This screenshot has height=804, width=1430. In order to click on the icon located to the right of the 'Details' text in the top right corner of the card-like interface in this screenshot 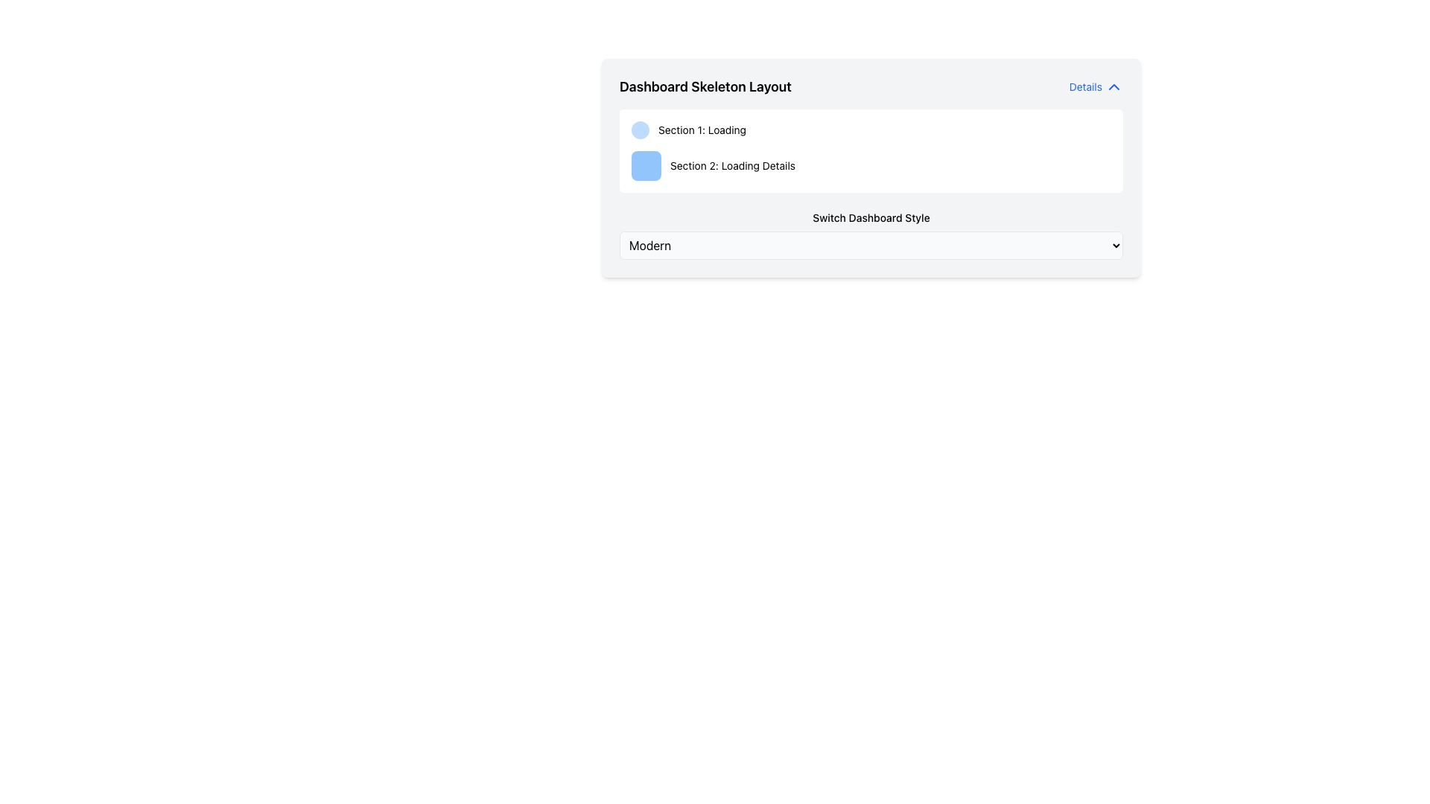, I will do `click(1114, 86)`.